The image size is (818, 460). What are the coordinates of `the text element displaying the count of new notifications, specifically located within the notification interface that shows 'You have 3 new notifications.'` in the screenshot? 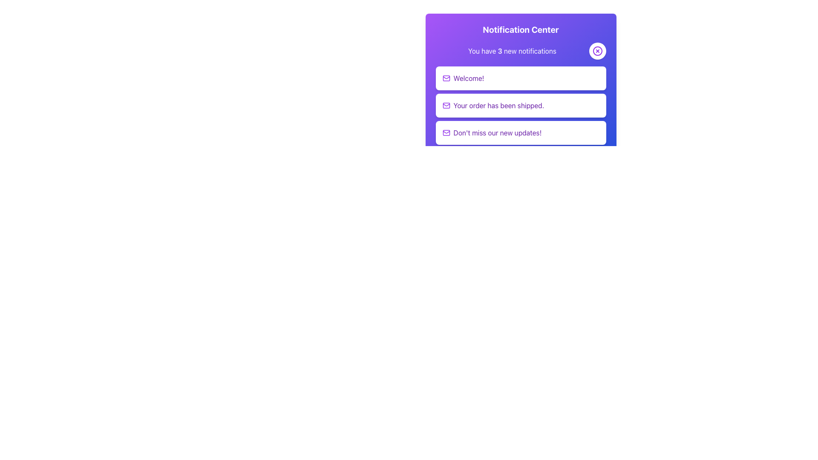 It's located at (500, 51).